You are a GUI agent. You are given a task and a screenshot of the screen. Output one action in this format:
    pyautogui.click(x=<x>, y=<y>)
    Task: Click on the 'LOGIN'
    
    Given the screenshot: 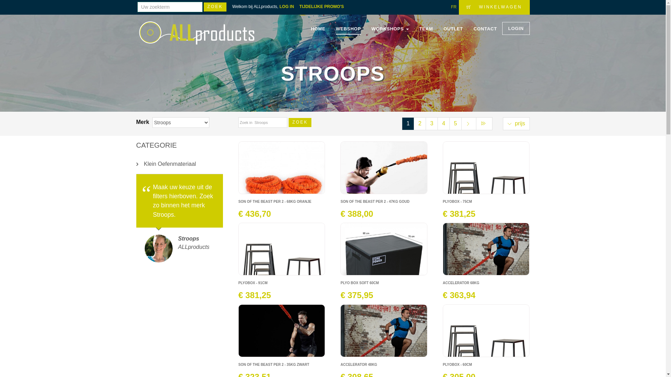 What is the action you would take?
    pyautogui.click(x=516, y=28)
    